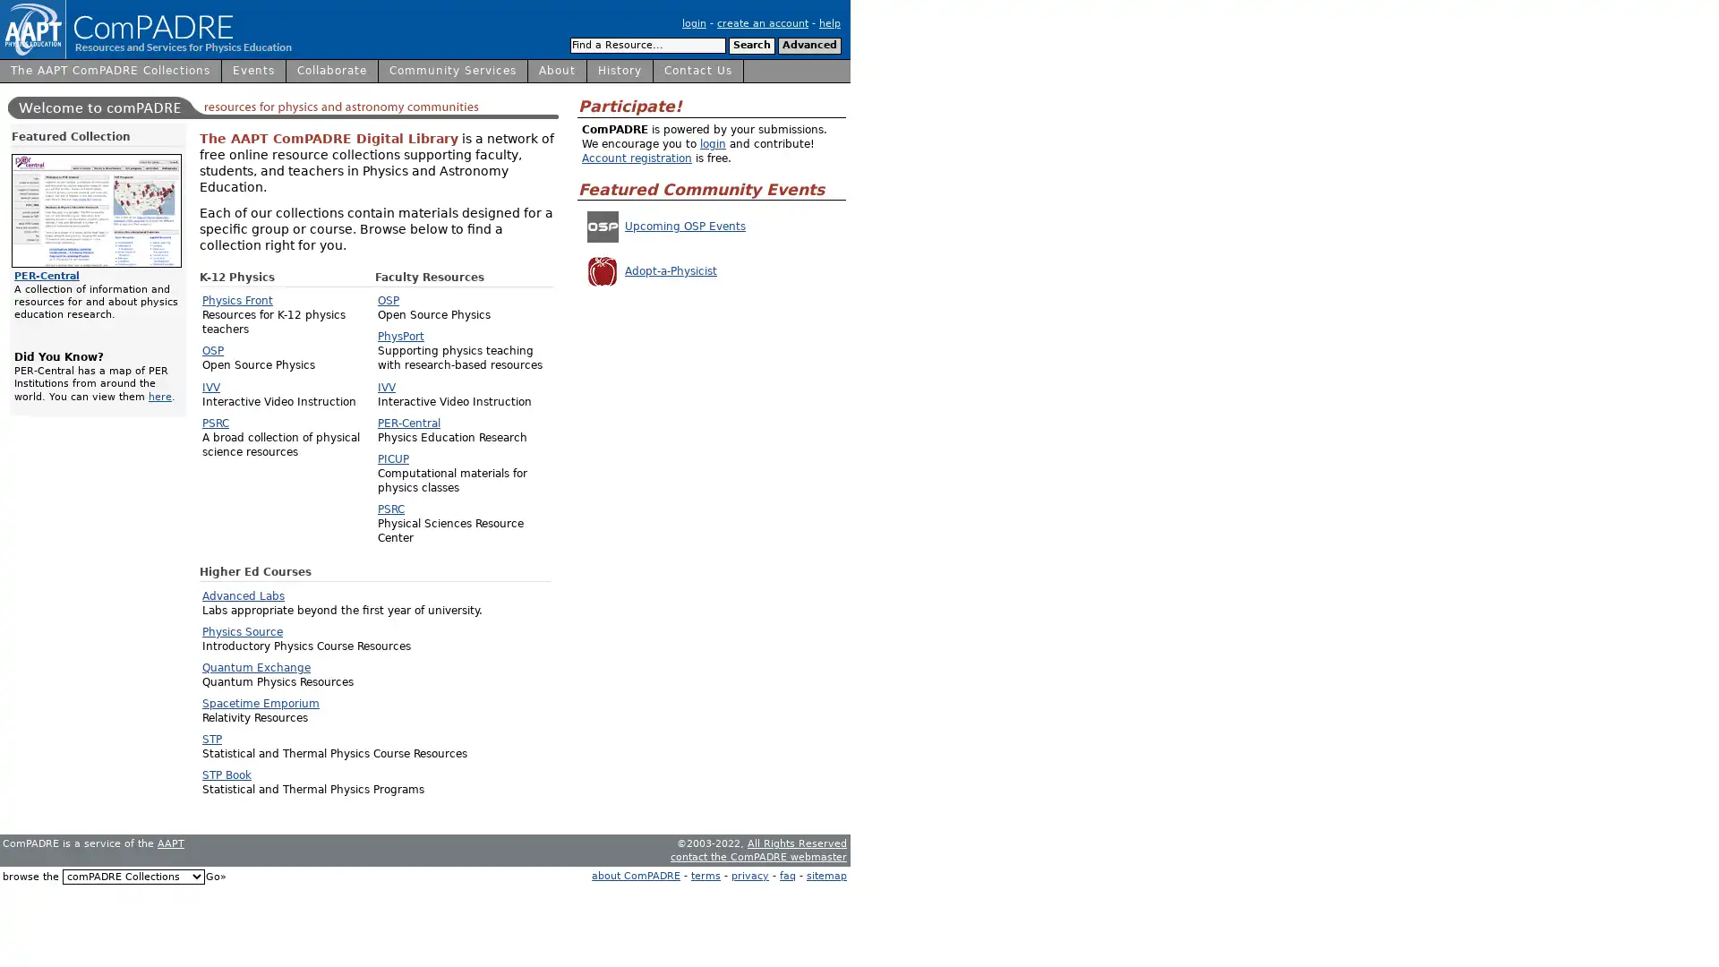 The image size is (1719, 967). Describe the element at coordinates (808, 45) in the screenshot. I see `Advanced` at that location.